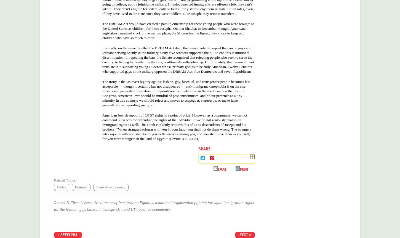 Image resolution: width=400 pixels, height=238 pixels. I want to click on 'The irony is that as overt bigotry against lesbian, gay, bisexual, and transgender people becomes less acceptable — though it certainly has not disappeared — anti-immigrant xenophobia is on the rise. Smears and generalizations about immigrants are routinely aired in the media and on the floor of Congress. American Jews should be mindful of past antisemitism, and of our presence as a tiny minority in this country; we should reject any moves to scapegoat, stereotype, or make false generalizations regarding any group.', so click(176, 93).